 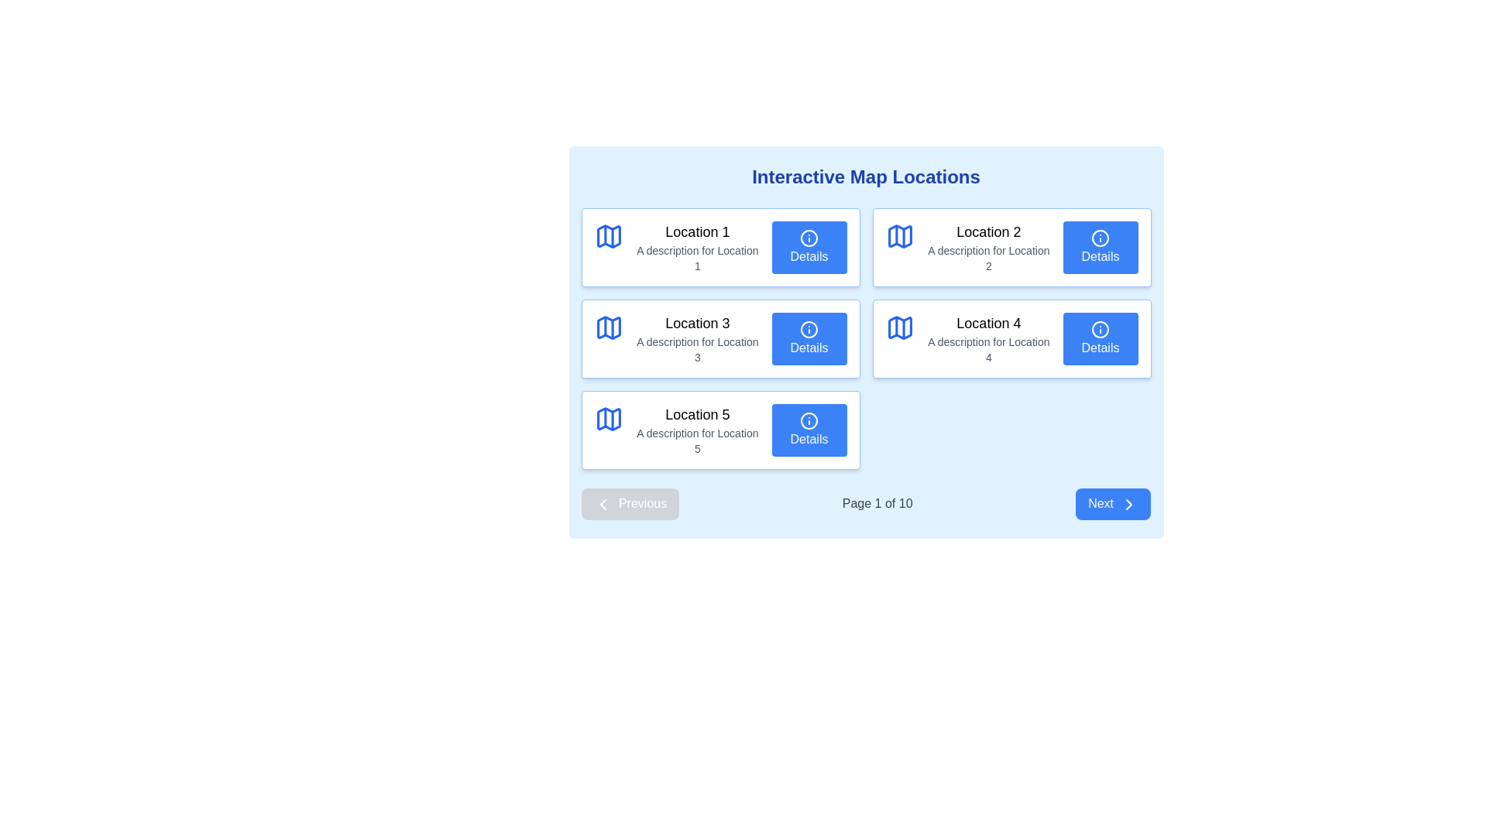 I want to click on the blue map icon located in the fourth position of the main layout grid, above the text 'Location 4' and adjacent to the 'Details' button, so click(x=900, y=327).